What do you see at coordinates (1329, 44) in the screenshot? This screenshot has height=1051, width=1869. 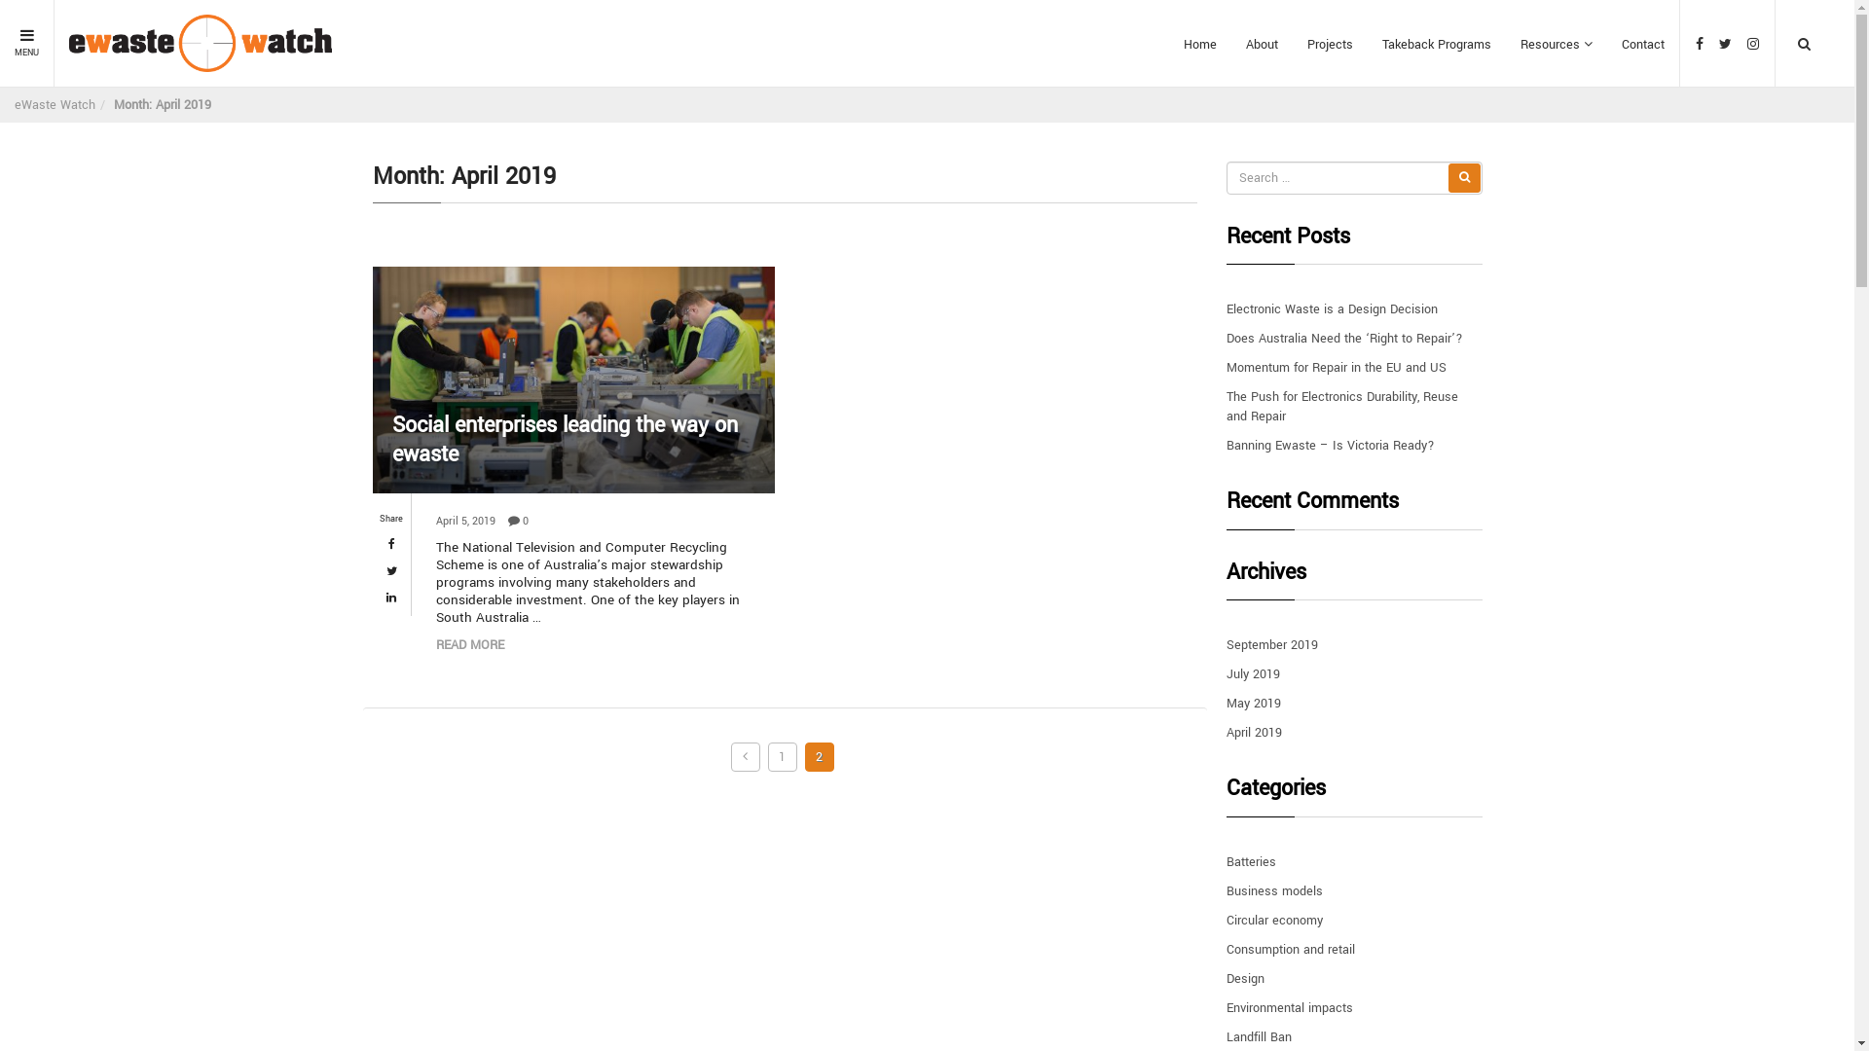 I see `'Projects'` at bounding box center [1329, 44].